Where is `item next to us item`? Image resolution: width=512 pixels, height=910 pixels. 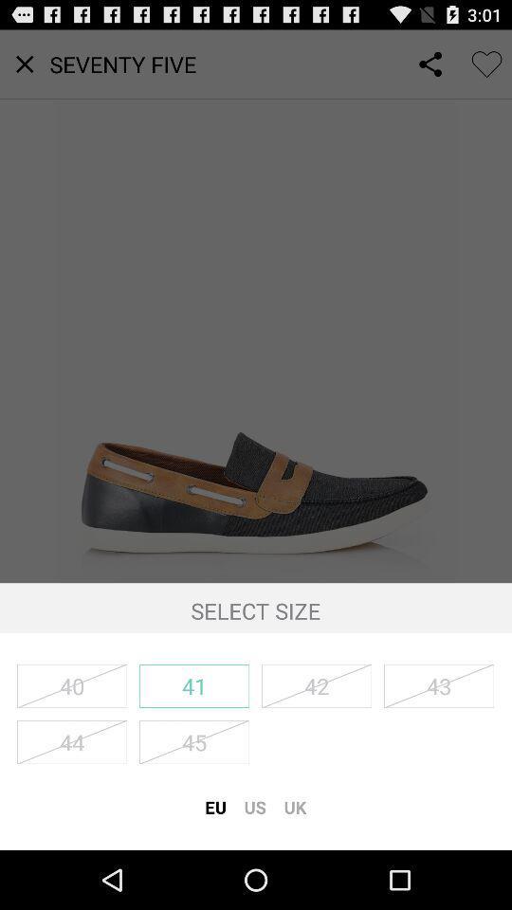 item next to us item is located at coordinates (295, 806).